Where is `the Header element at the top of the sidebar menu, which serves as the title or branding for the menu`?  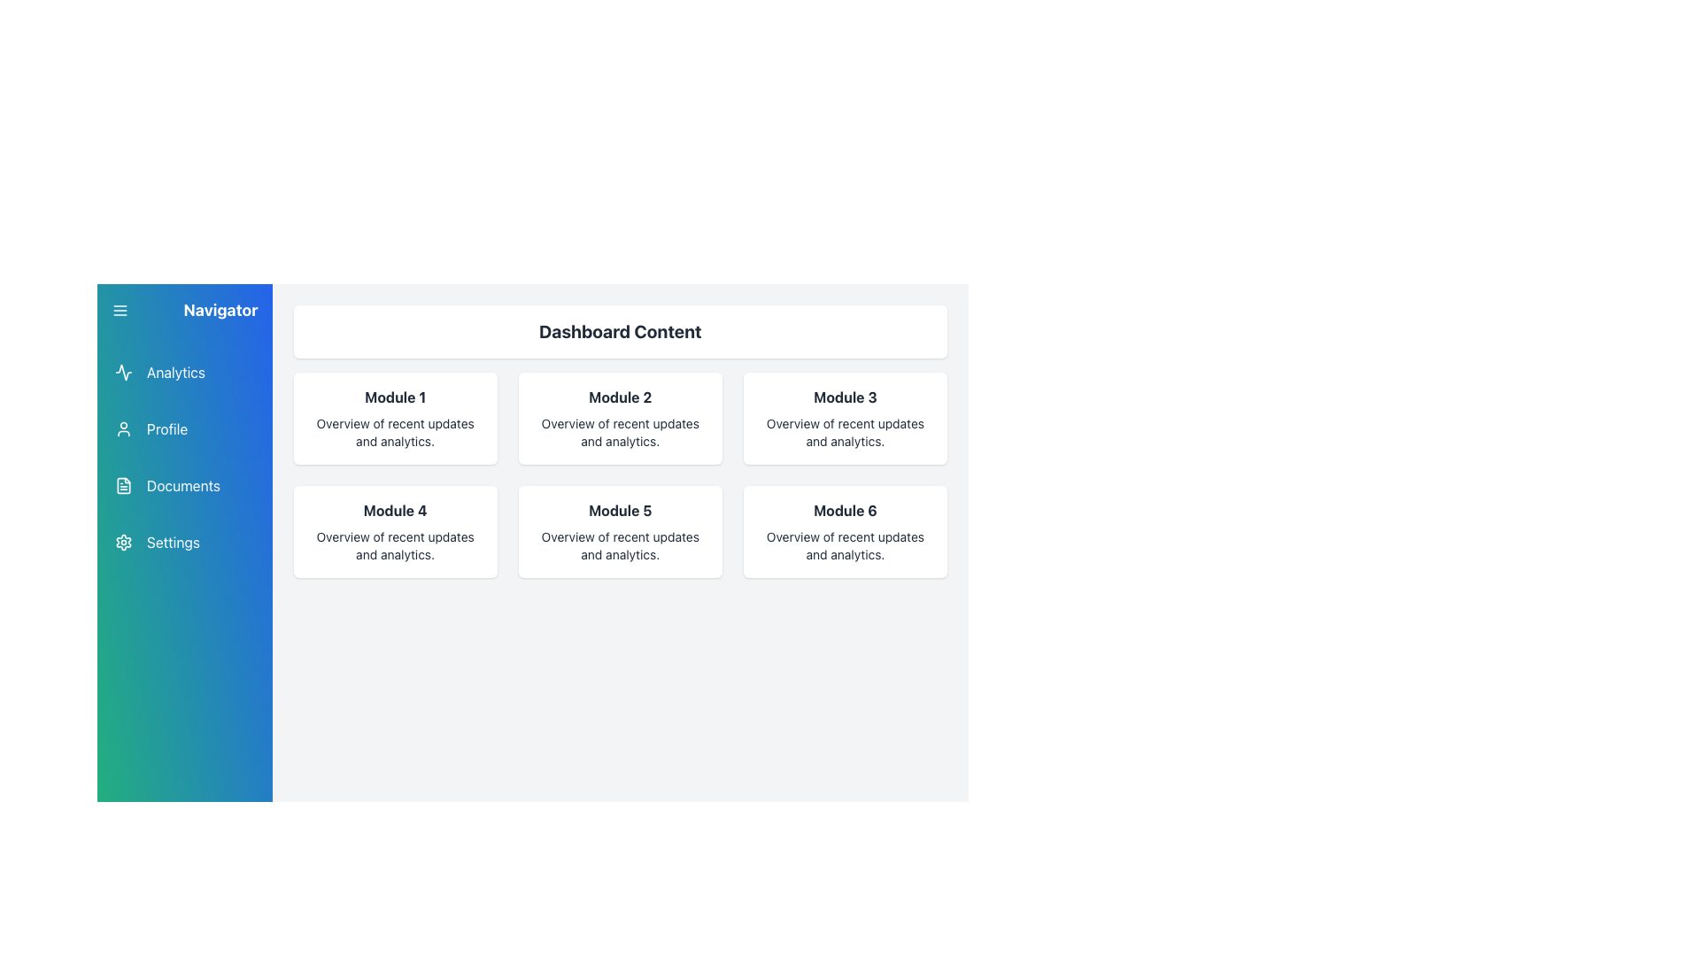 the Header element at the top of the sidebar menu, which serves as the title or branding for the menu is located at coordinates (184, 310).